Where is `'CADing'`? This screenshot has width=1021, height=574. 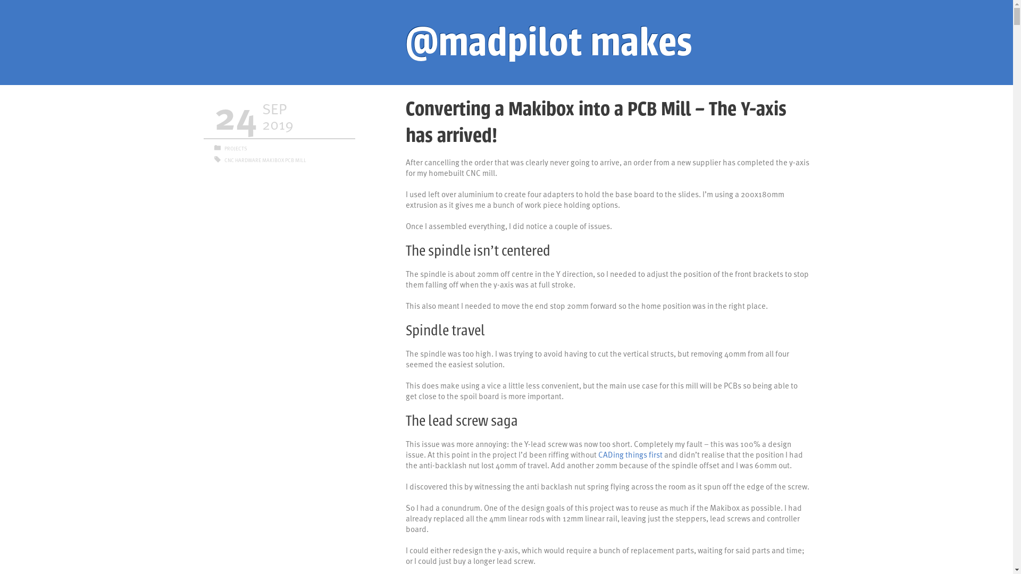 'CADing' is located at coordinates (610, 454).